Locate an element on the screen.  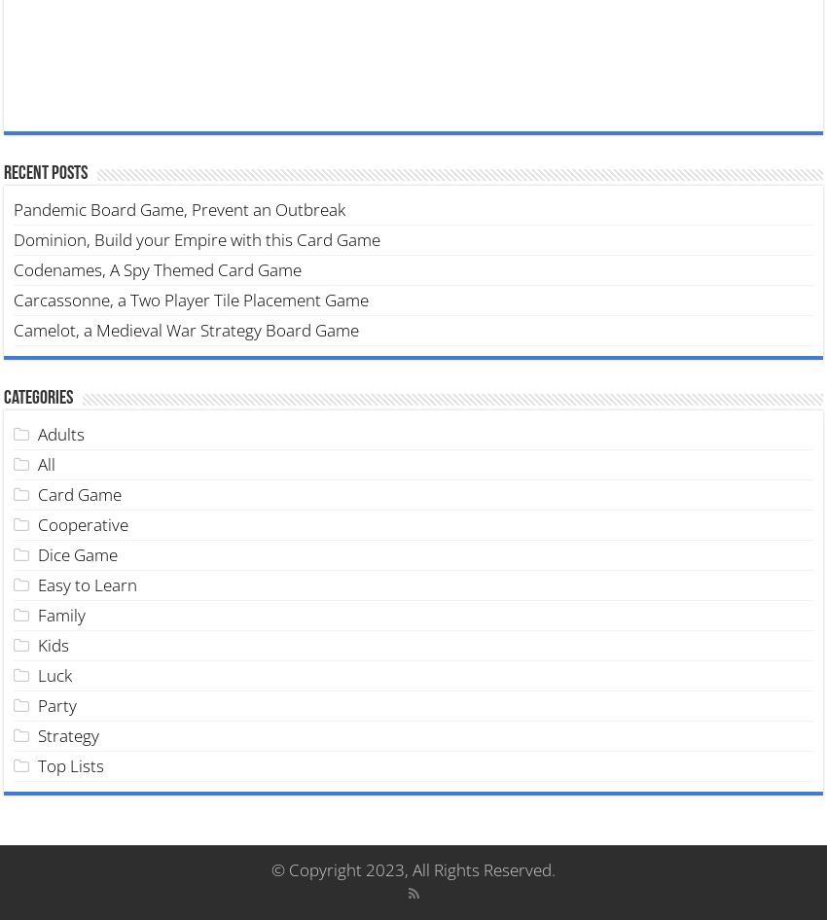
'© Copyright 2023, All Rights Reserved.' is located at coordinates (270, 867).